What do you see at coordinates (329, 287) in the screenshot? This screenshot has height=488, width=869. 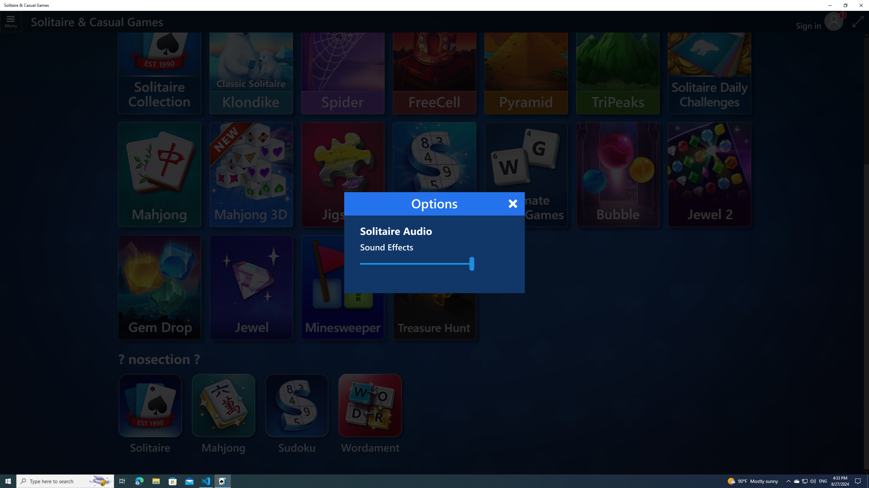 I see `'Microsoft Minesweeper'` at bounding box center [329, 287].